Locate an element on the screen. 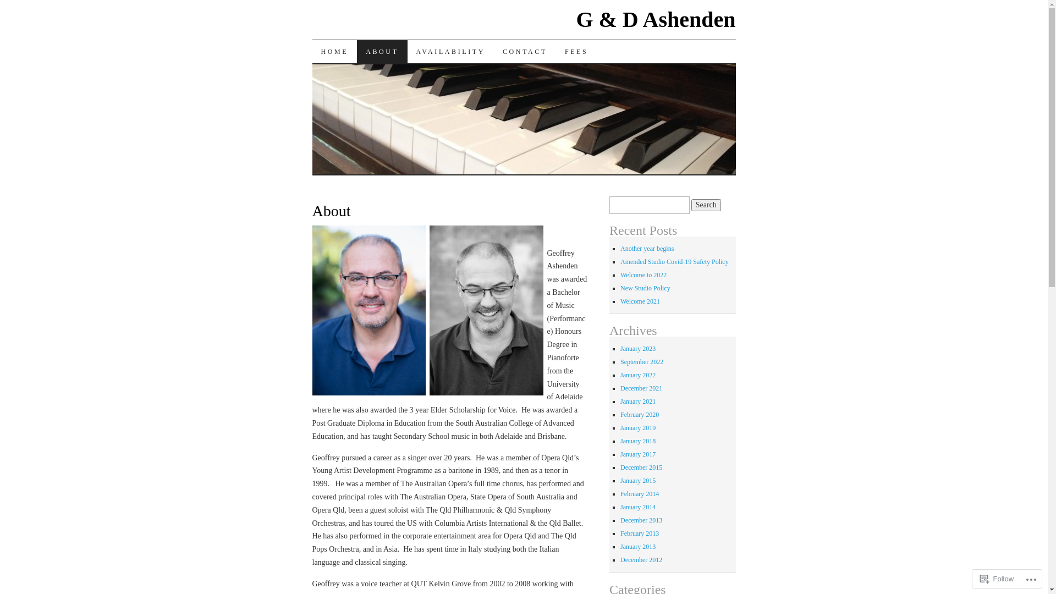  'January 2023' is located at coordinates (620, 348).